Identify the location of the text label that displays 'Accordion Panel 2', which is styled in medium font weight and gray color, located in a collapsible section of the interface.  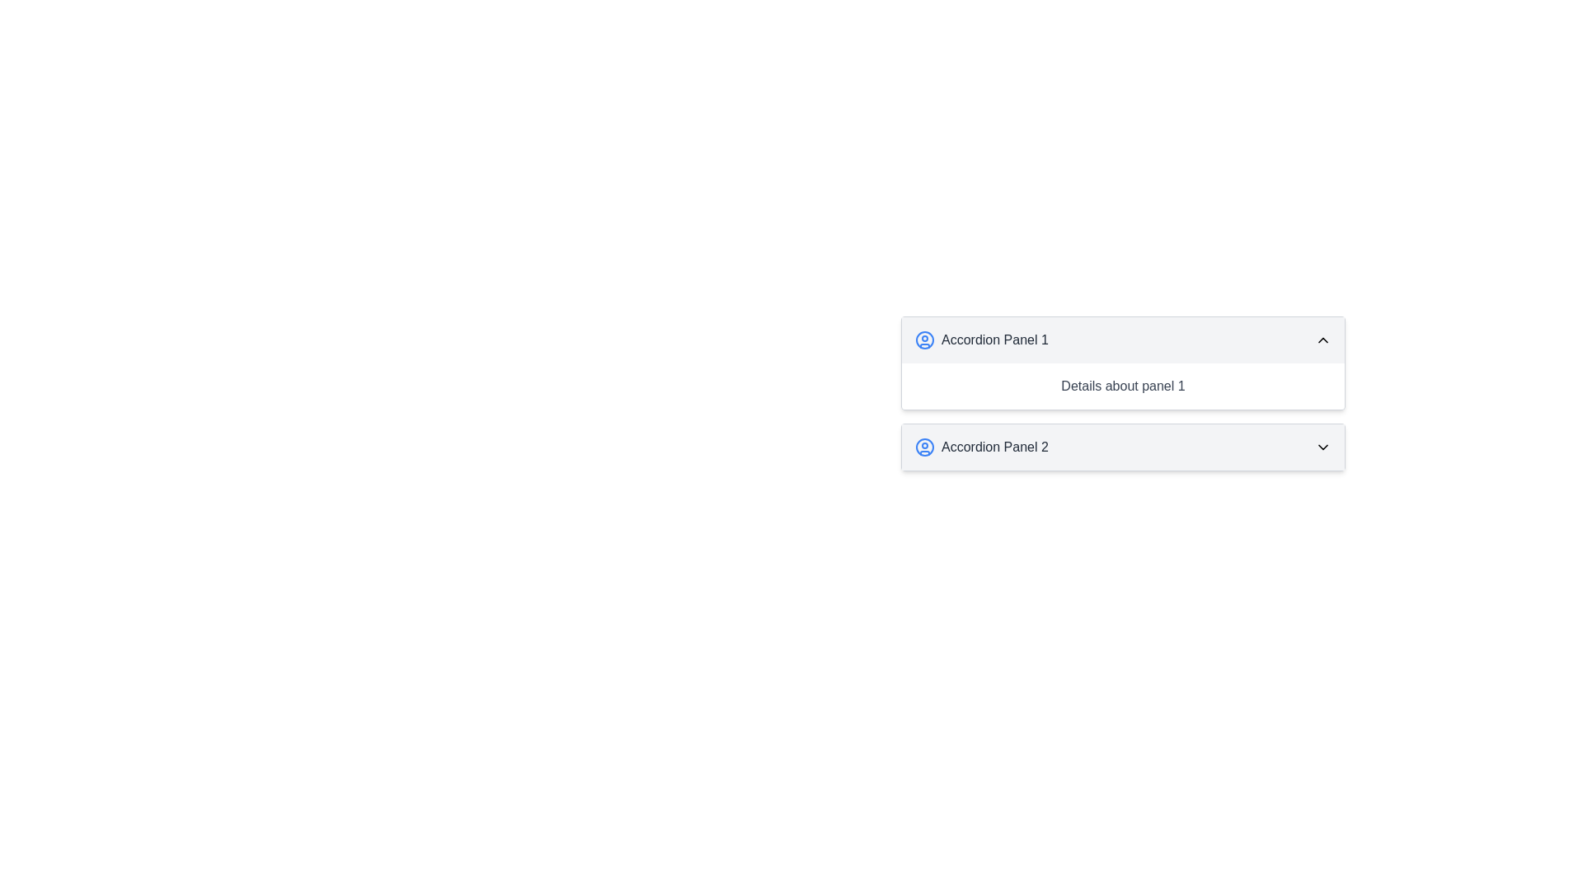
(993, 447).